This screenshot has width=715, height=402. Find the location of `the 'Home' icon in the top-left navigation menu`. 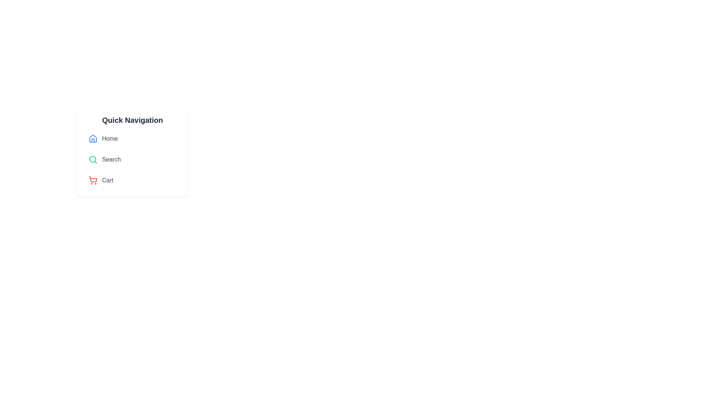

the 'Home' icon in the top-left navigation menu is located at coordinates (92, 138).